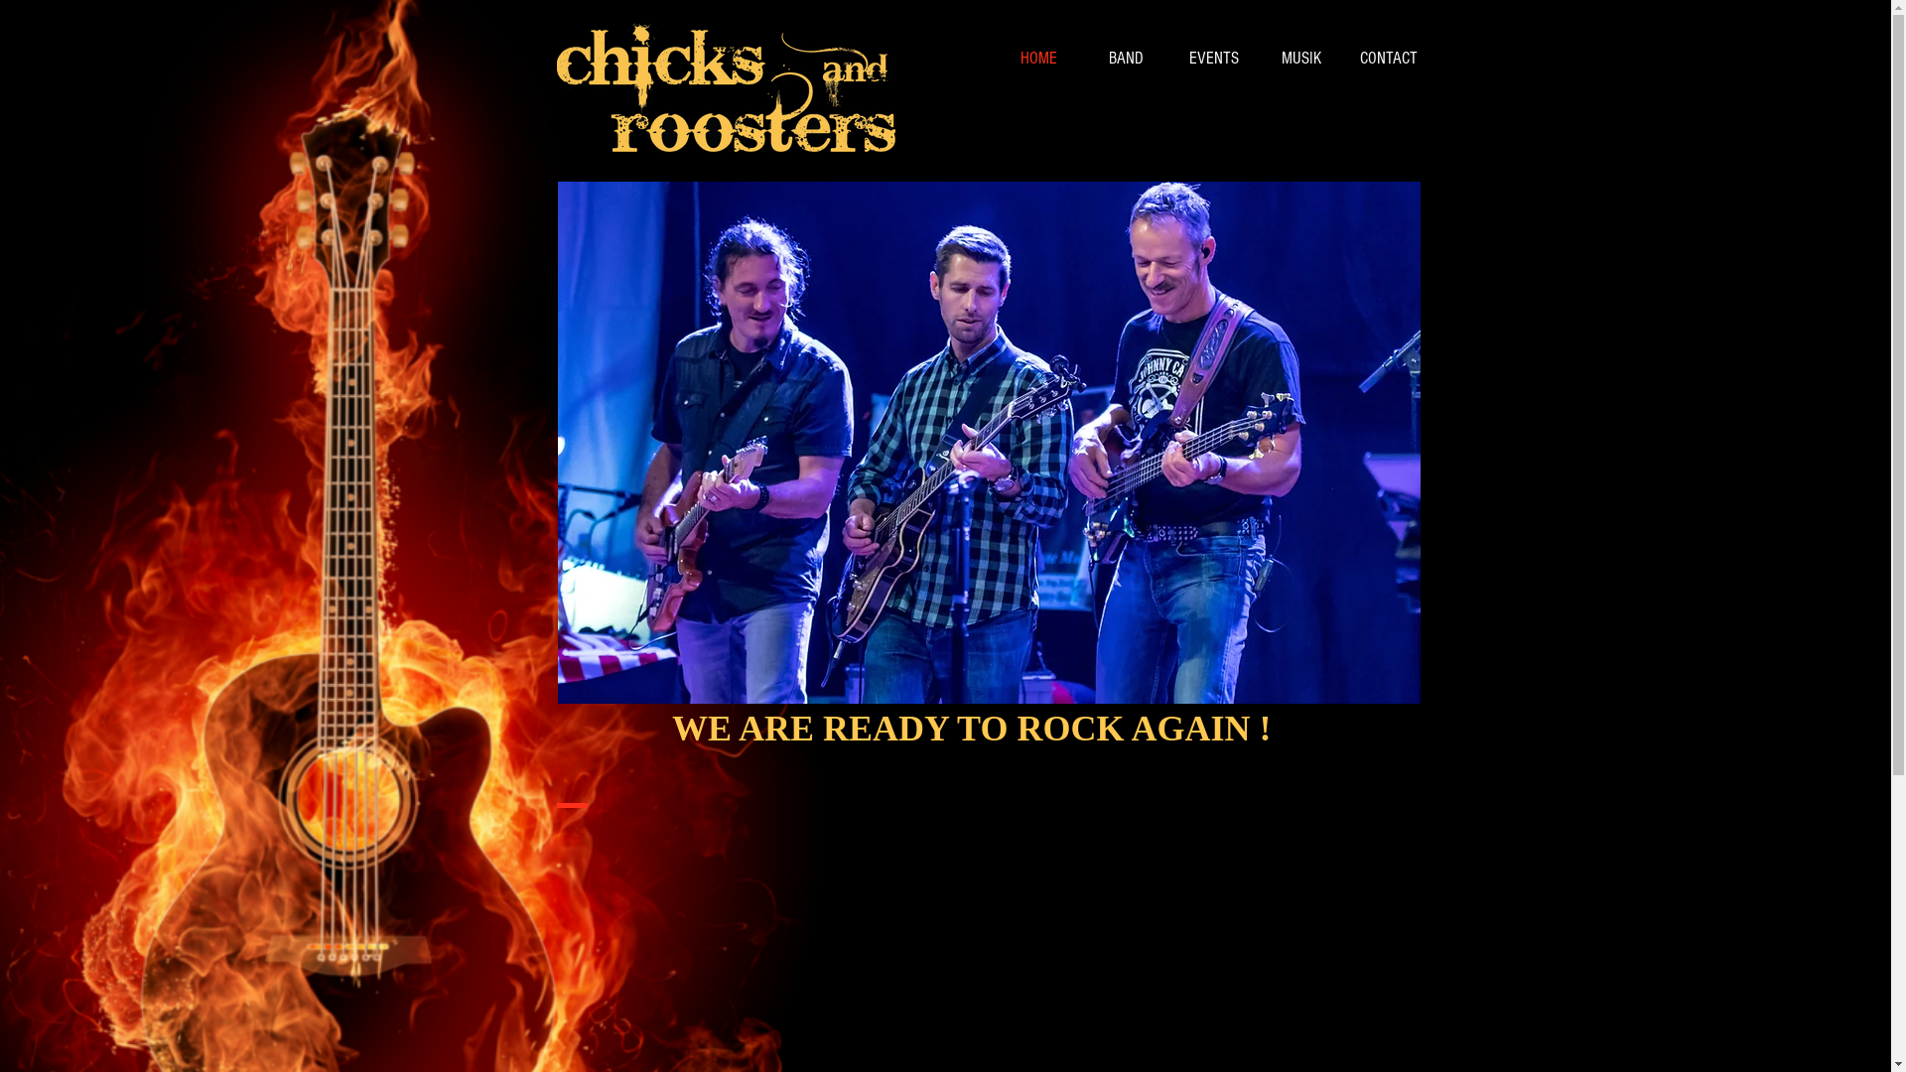 The height and width of the screenshot is (1072, 1906). What do you see at coordinates (1343, 57) in the screenshot?
I see `'CONTACT'` at bounding box center [1343, 57].